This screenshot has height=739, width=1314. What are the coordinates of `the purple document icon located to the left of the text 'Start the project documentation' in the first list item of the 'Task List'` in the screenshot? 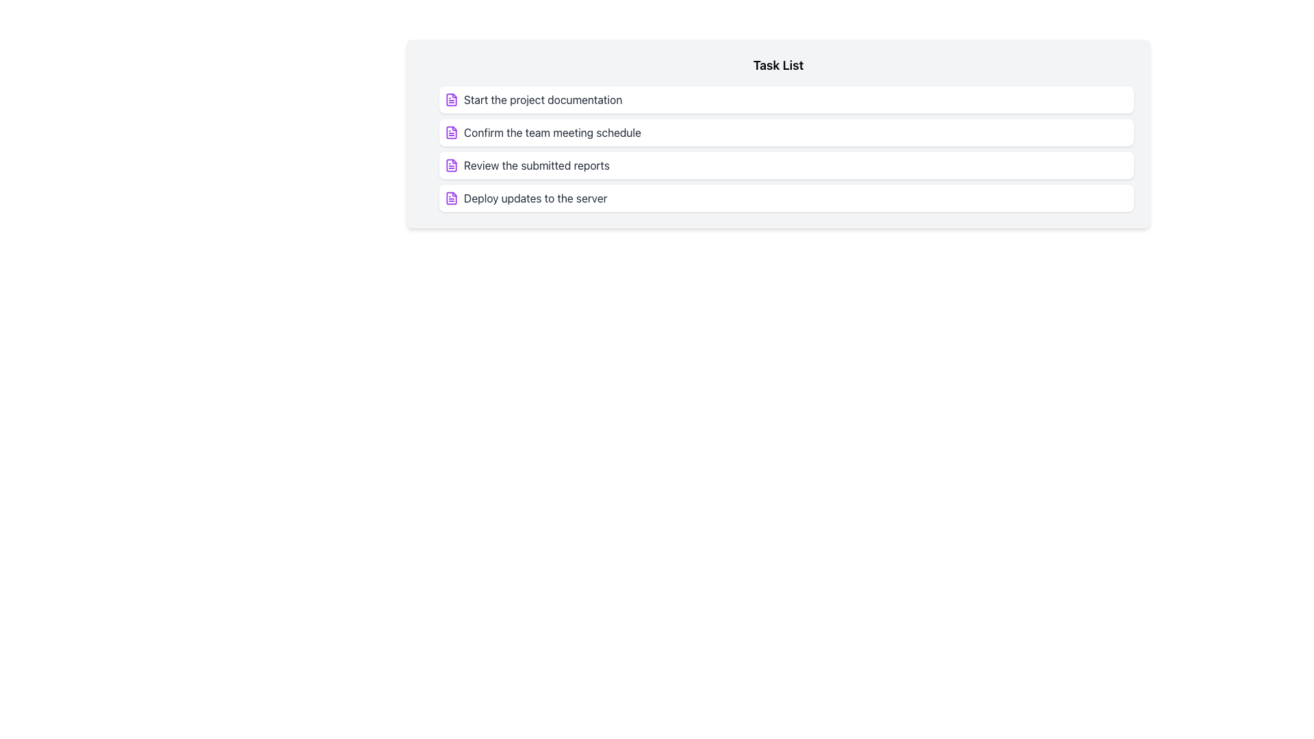 It's located at (452, 99).